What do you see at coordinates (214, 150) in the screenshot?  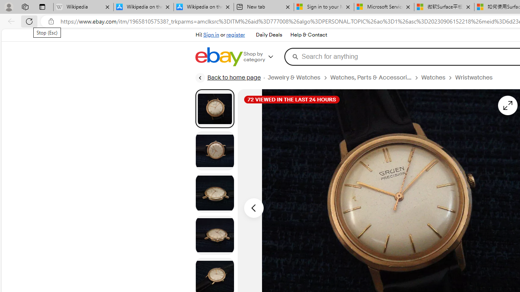 I see `'Picture 2 of 8'` at bounding box center [214, 150].